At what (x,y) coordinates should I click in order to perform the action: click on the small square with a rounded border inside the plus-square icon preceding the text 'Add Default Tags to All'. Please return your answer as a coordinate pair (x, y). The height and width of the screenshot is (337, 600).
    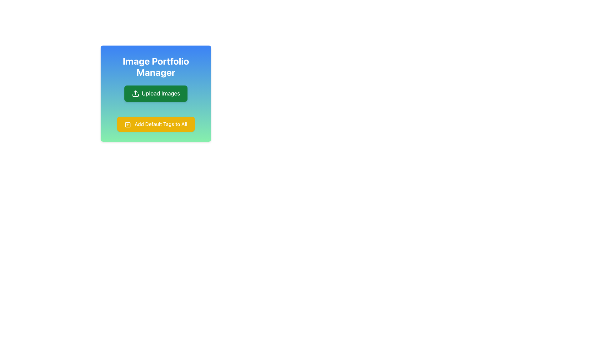
    Looking at the image, I should click on (127, 125).